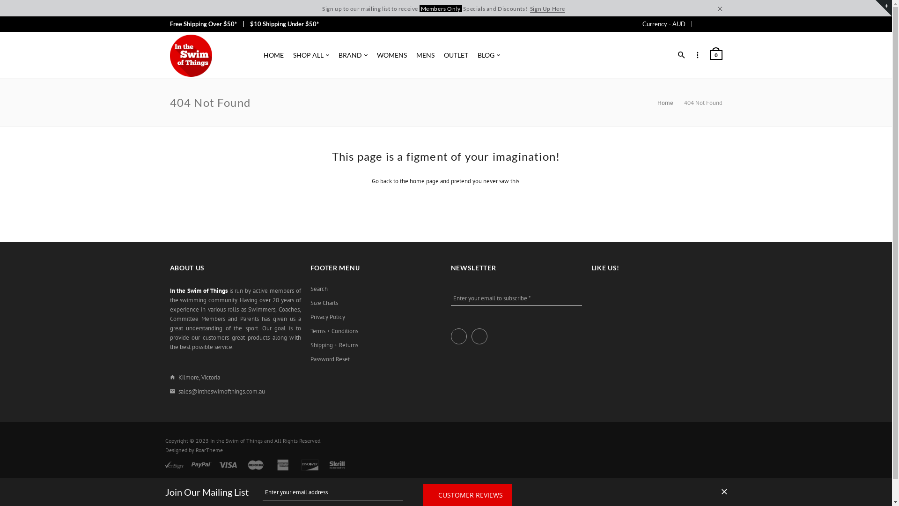  I want to click on 'BLOG', so click(488, 55).